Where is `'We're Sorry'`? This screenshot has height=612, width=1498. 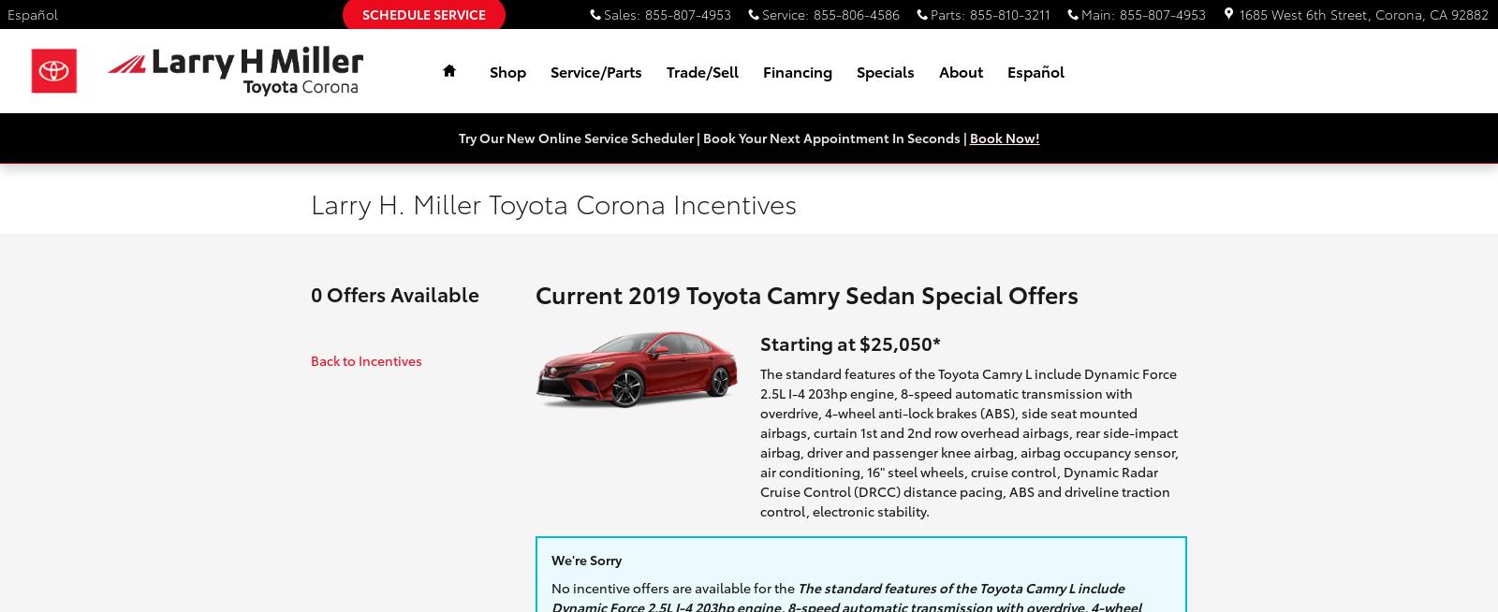
'We're Sorry' is located at coordinates (586, 559).